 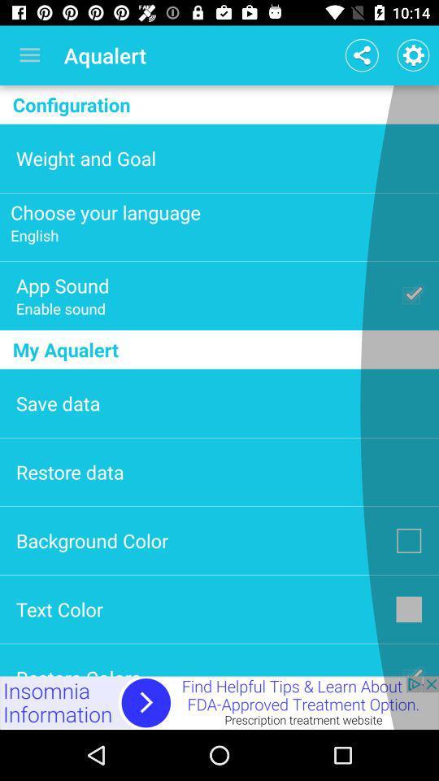 What do you see at coordinates (219, 702) in the screenshot?
I see `advertisement` at bounding box center [219, 702].